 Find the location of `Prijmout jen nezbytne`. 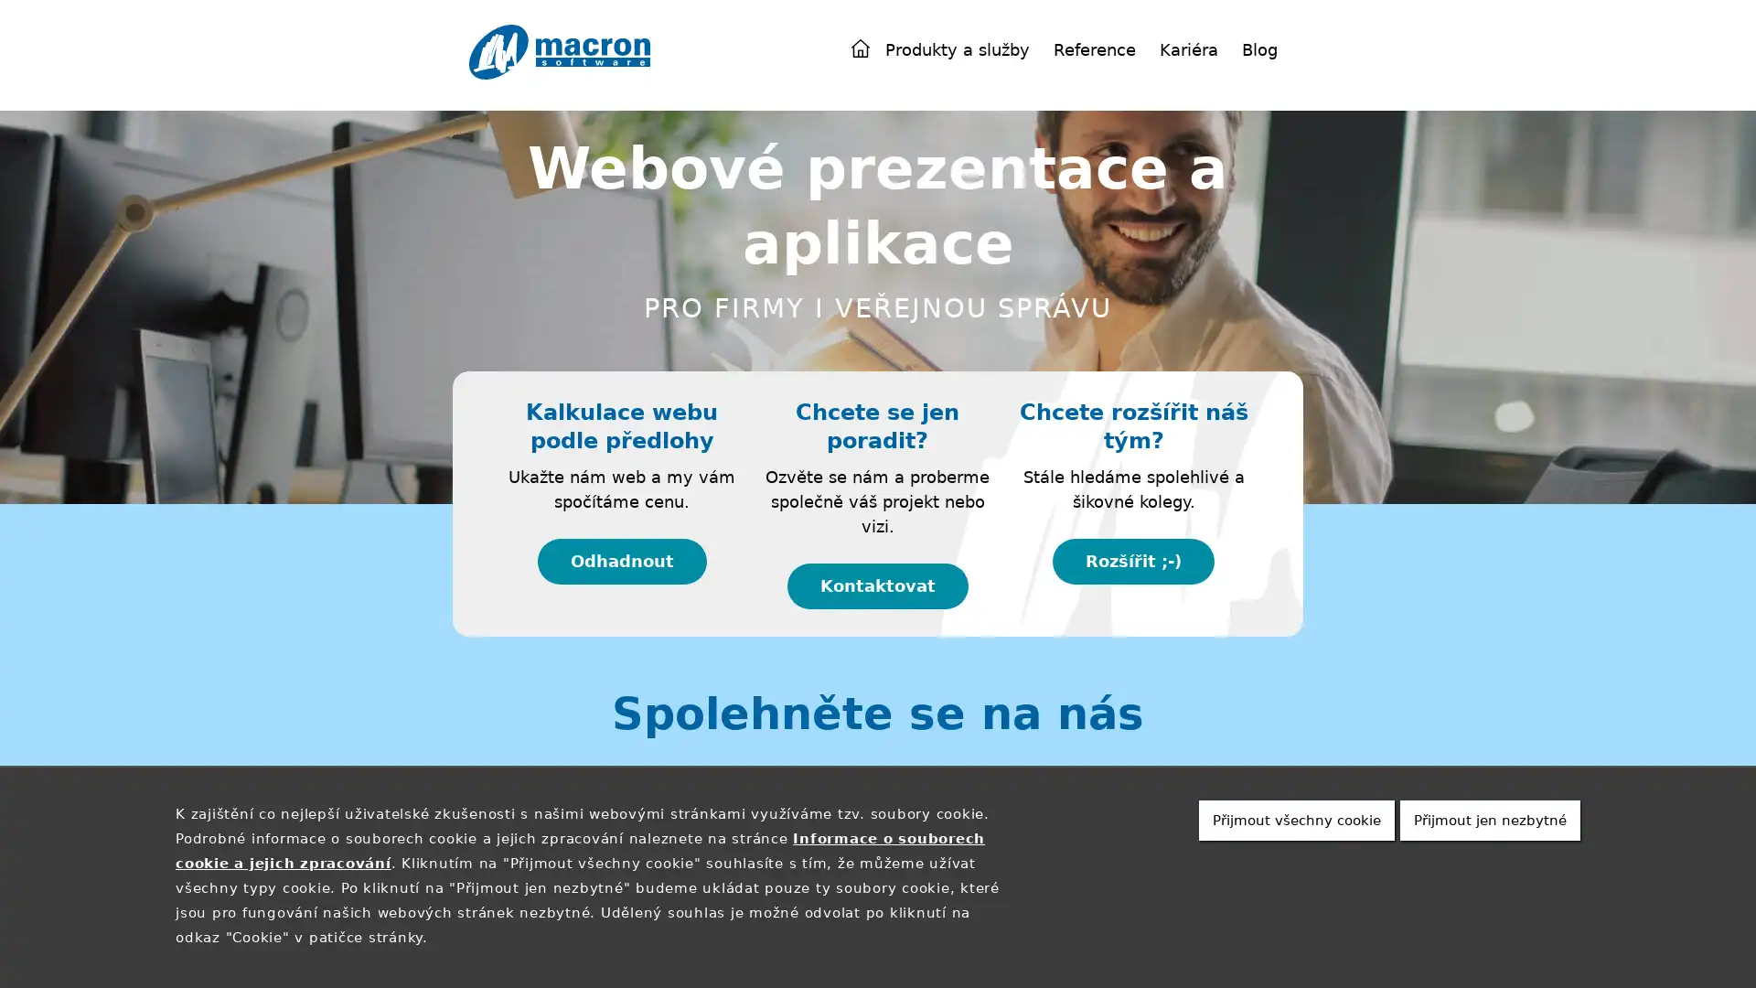

Prijmout jen nezbytne is located at coordinates (1490, 820).